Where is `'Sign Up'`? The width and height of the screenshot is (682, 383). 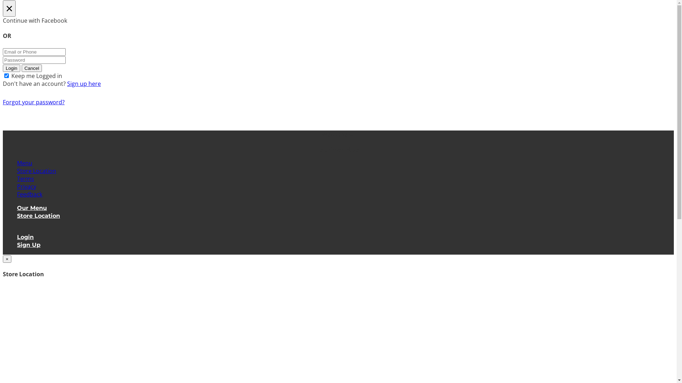 'Sign Up' is located at coordinates (17, 244).